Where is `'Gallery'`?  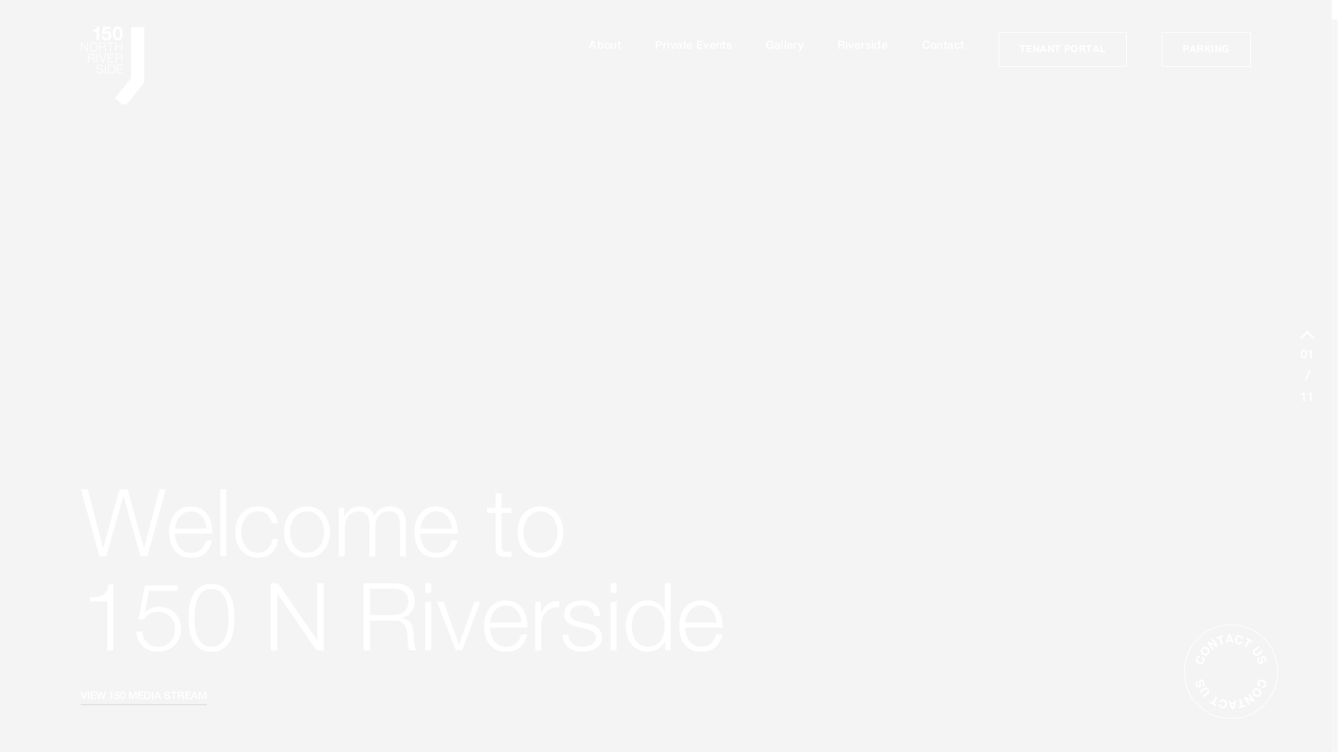 'Gallery' is located at coordinates (785, 45).